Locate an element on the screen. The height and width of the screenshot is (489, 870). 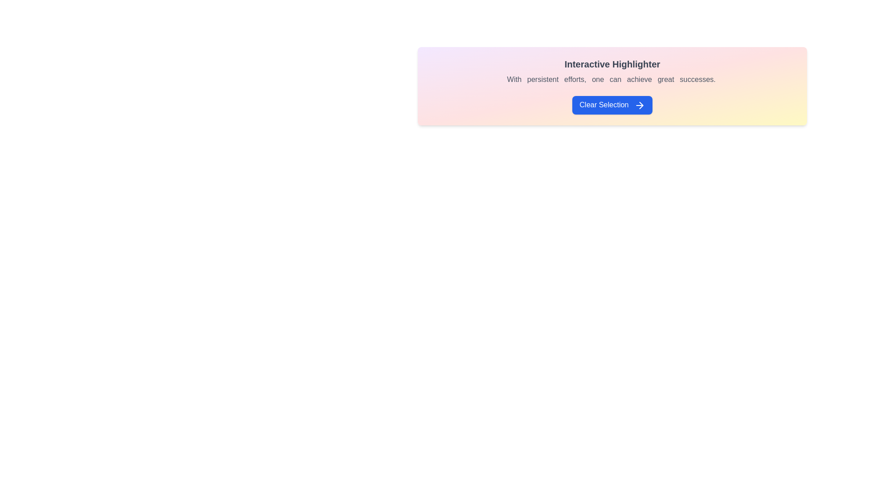
the text component displaying the word 'one', which has a hover effect changing its background to gray, indicating its interactive nature is located at coordinates (599, 79).